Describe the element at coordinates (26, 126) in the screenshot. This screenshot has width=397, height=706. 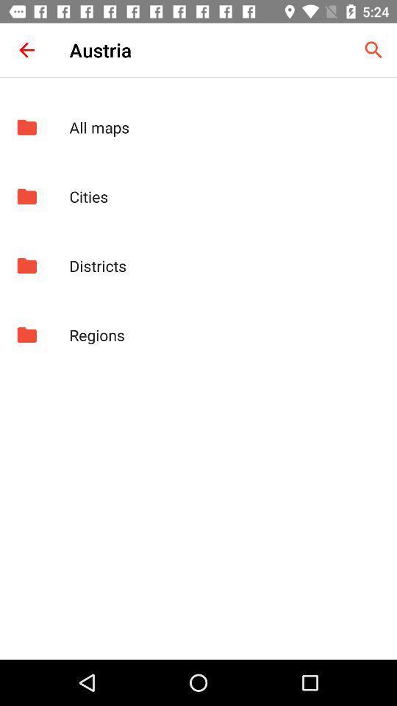
I see `the icon to the left of the all maps item` at that location.